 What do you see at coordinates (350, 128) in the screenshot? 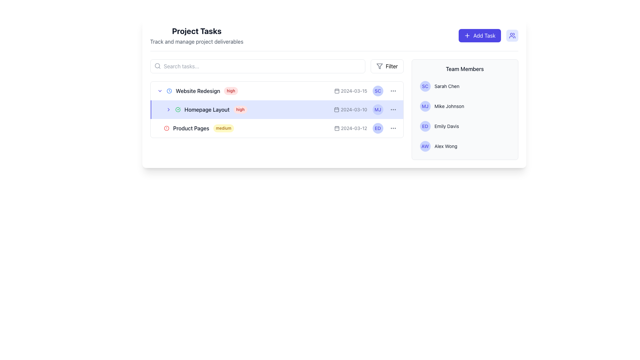
I see `the date label for the 'Product Pages' task, which is located in the third row of the list, to the right of the row's title and priority tag` at bounding box center [350, 128].